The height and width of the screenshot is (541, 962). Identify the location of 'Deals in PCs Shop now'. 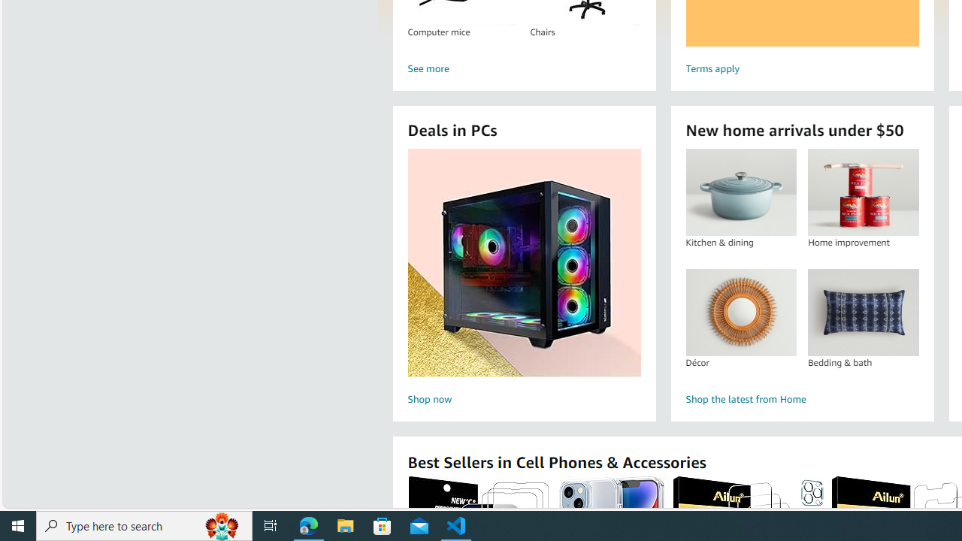
(524, 279).